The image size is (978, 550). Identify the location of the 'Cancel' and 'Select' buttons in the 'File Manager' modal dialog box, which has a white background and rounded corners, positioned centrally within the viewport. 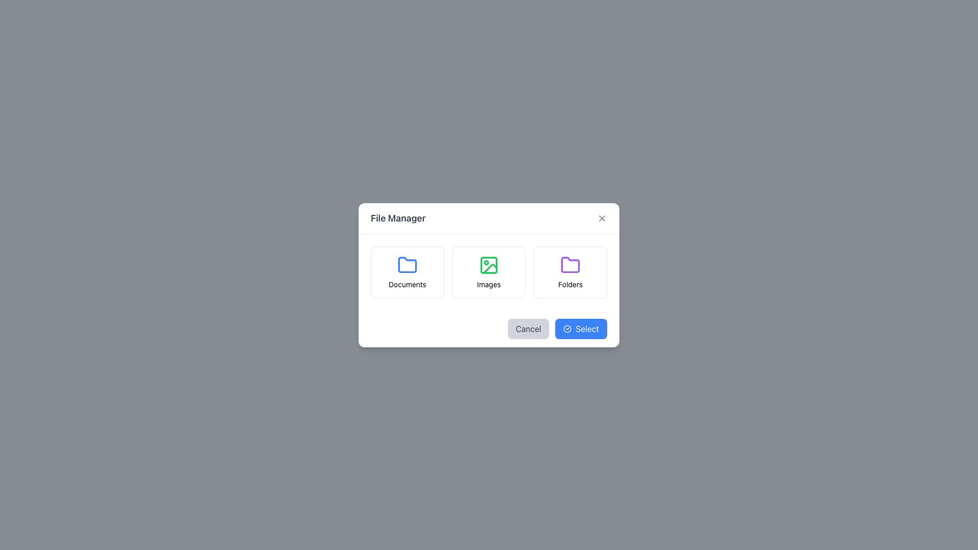
(489, 275).